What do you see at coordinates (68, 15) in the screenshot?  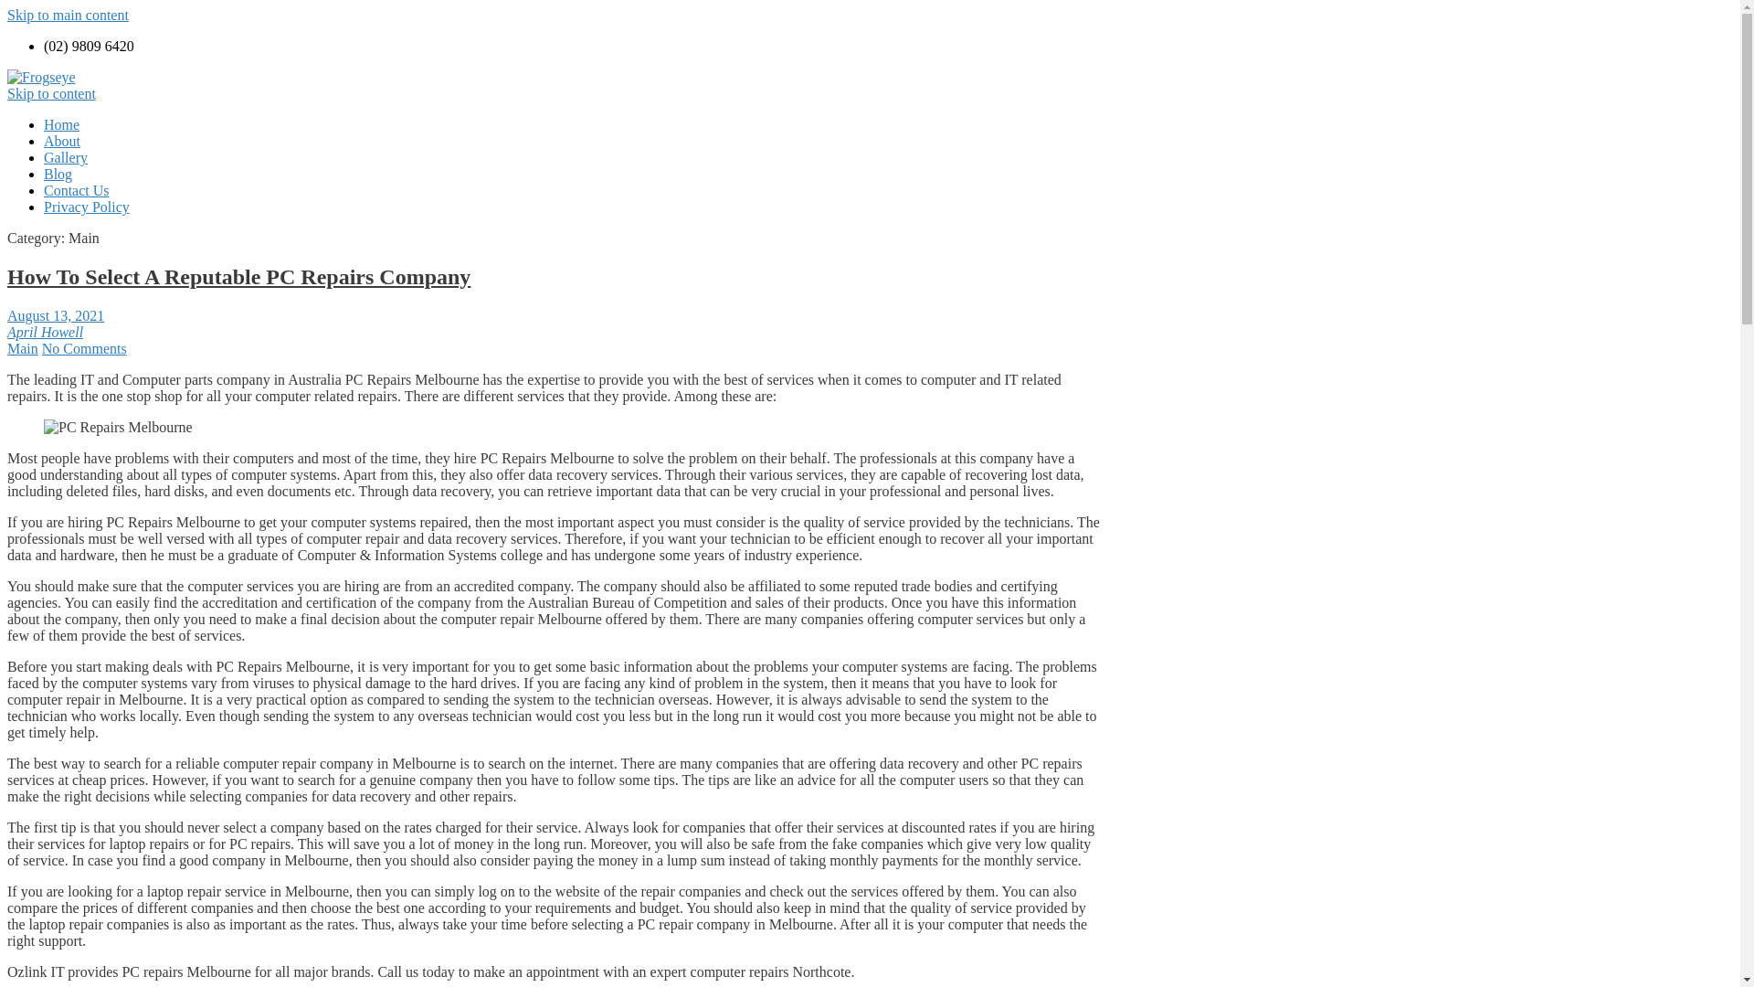 I see `'Skip to main content'` at bounding box center [68, 15].